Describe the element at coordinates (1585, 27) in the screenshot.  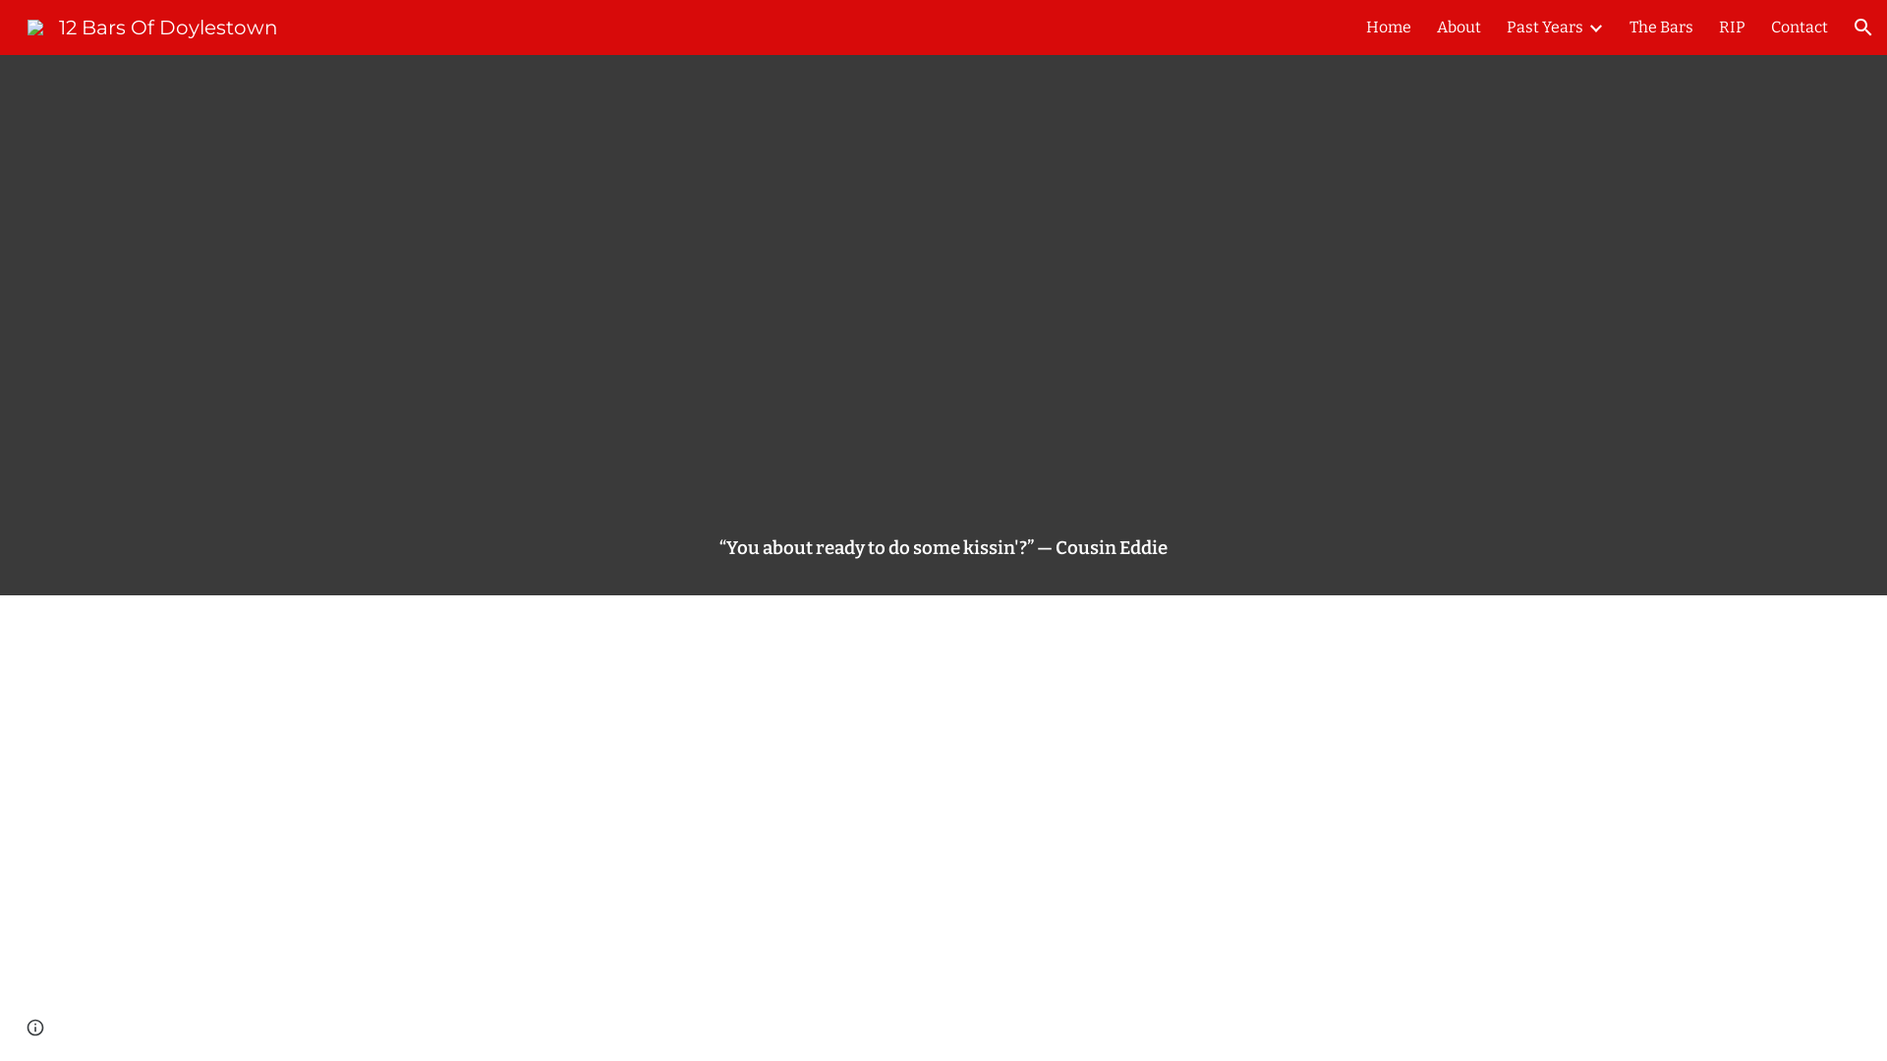
I see `'Expand/Collapse'` at that location.